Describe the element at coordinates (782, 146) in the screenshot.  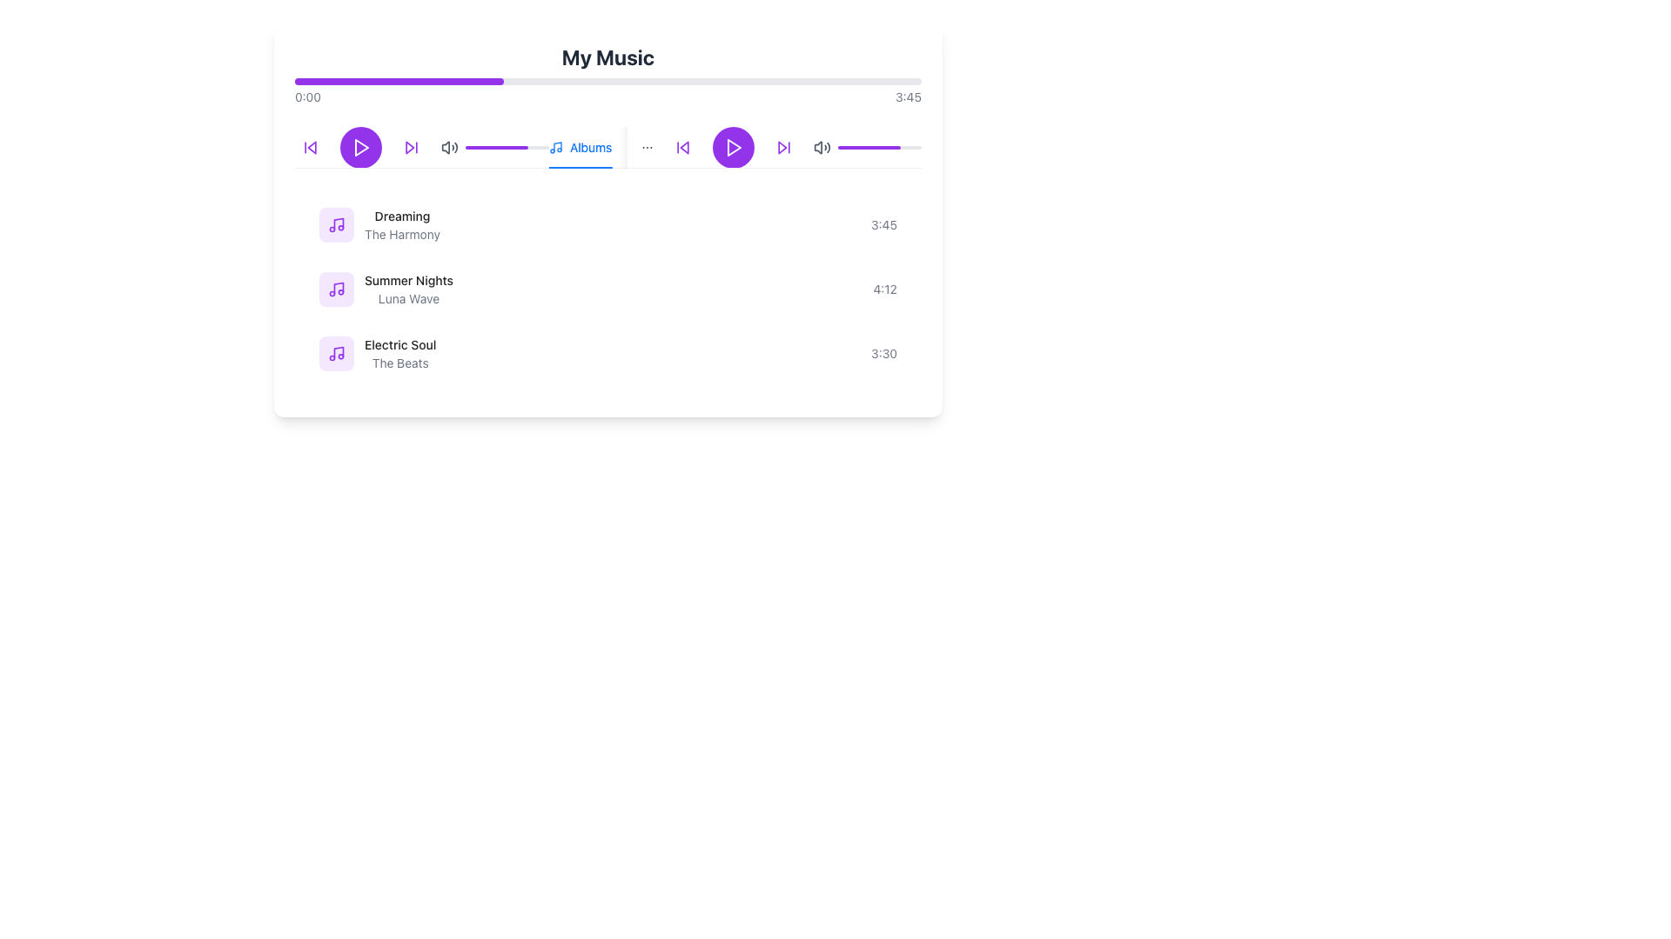
I see `the triangular skip-forward button, which is the leftmost graphic element of the music playback controls located in the top toolbar area` at that location.